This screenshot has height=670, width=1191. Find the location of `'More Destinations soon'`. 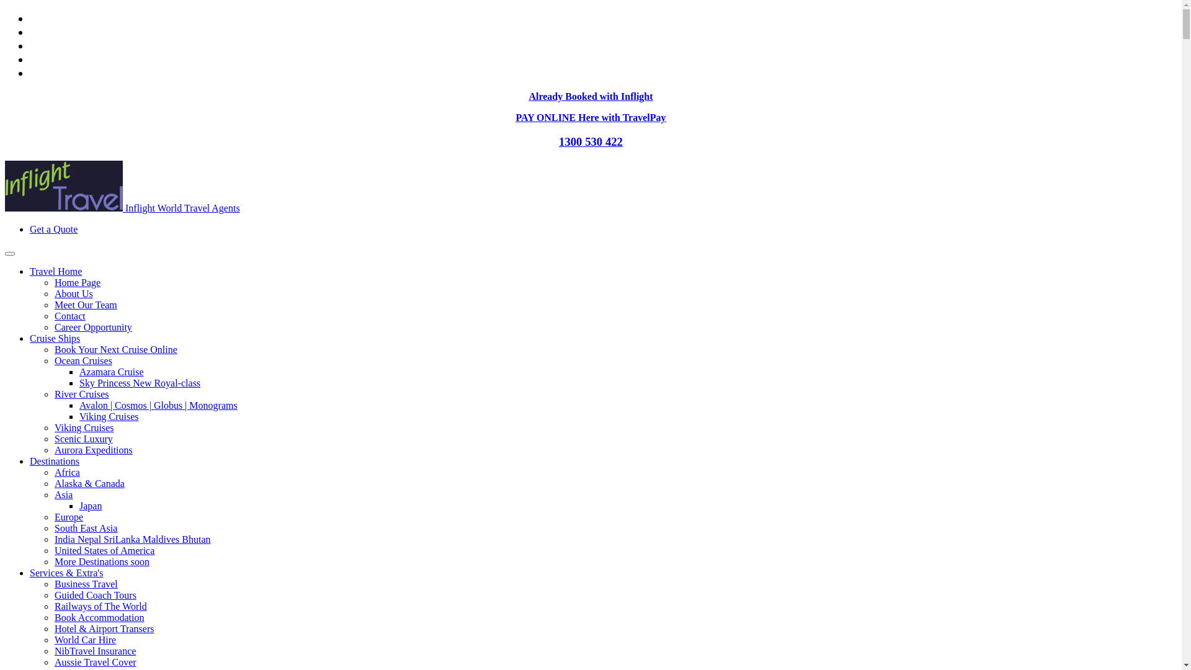

'More Destinations soon' is located at coordinates (102, 561).